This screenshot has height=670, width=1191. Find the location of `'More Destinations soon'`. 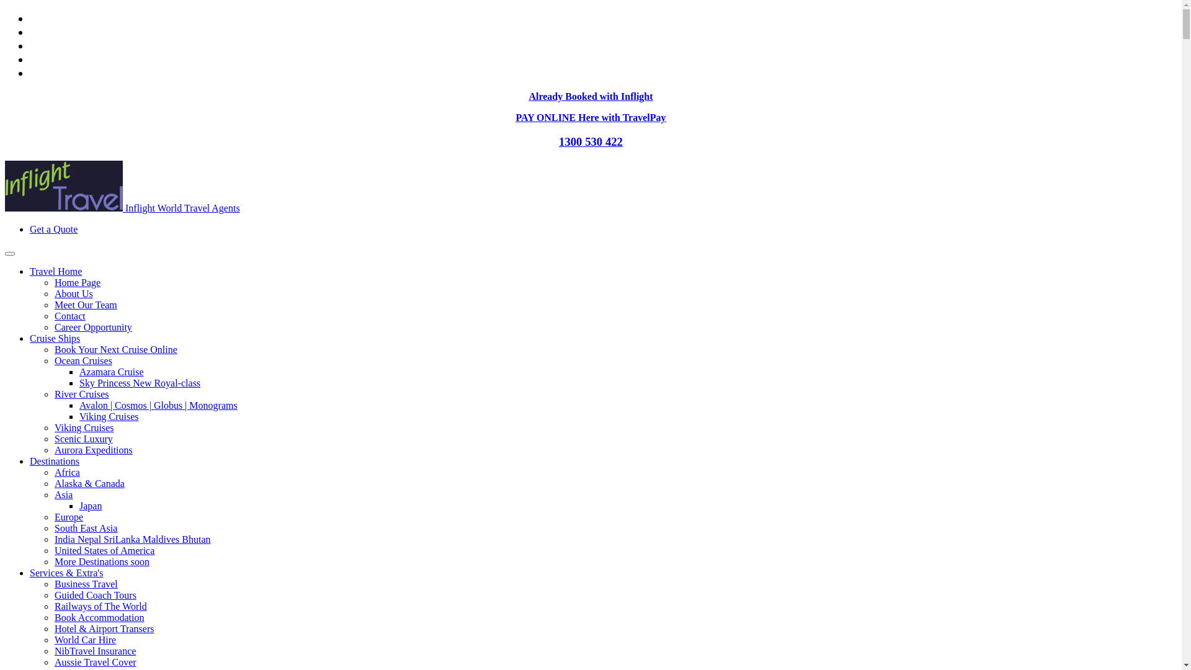

'More Destinations soon' is located at coordinates (102, 561).